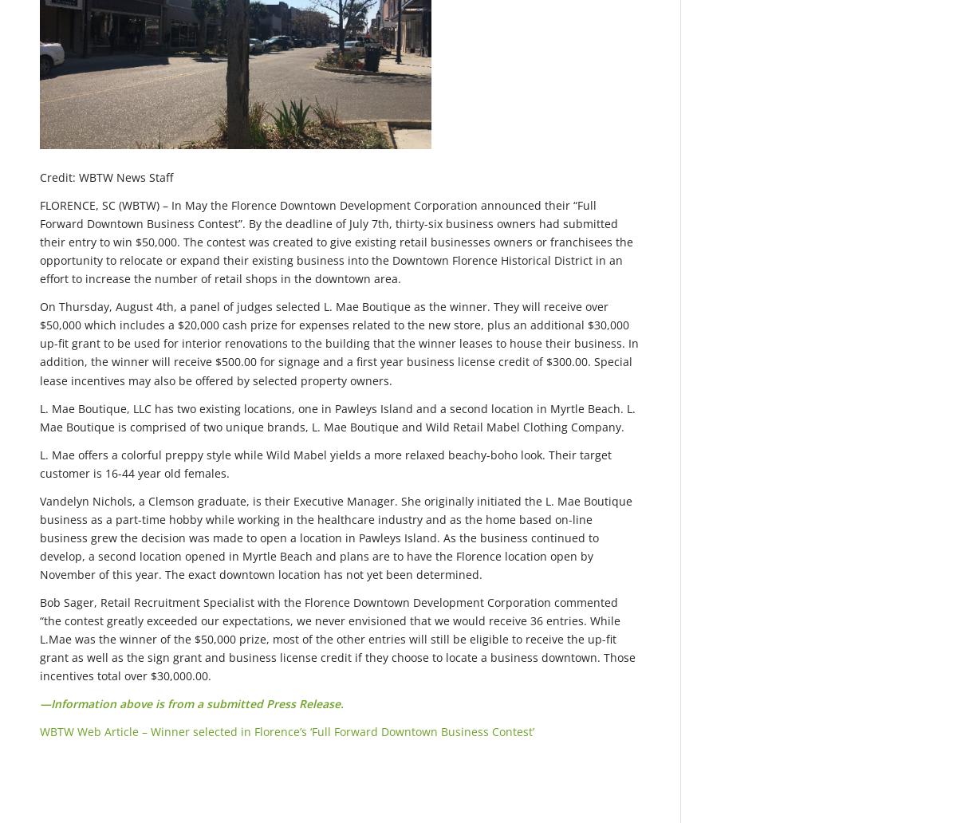  Describe the element at coordinates (337, 417) in the screenshot. I see `'L. Mae Boutique, LLC has two existing locations, one in Pawleys Island and a second location in Myrtle Beach. L. Mae Boutique is comprised of two unique brands, L. Mae Boutique and Wild Retail Mabel Clothing Company.'` at that location.